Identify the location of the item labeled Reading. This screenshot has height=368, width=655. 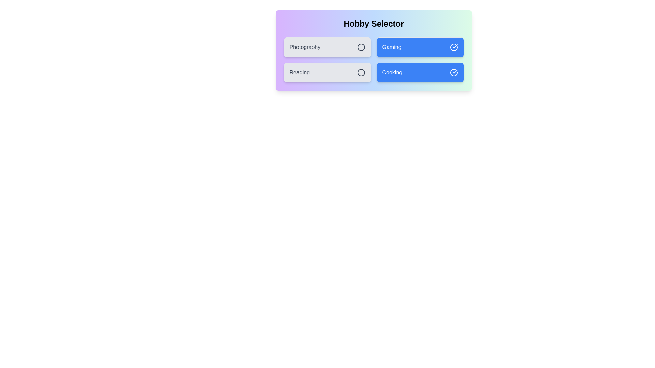
(327, 72).